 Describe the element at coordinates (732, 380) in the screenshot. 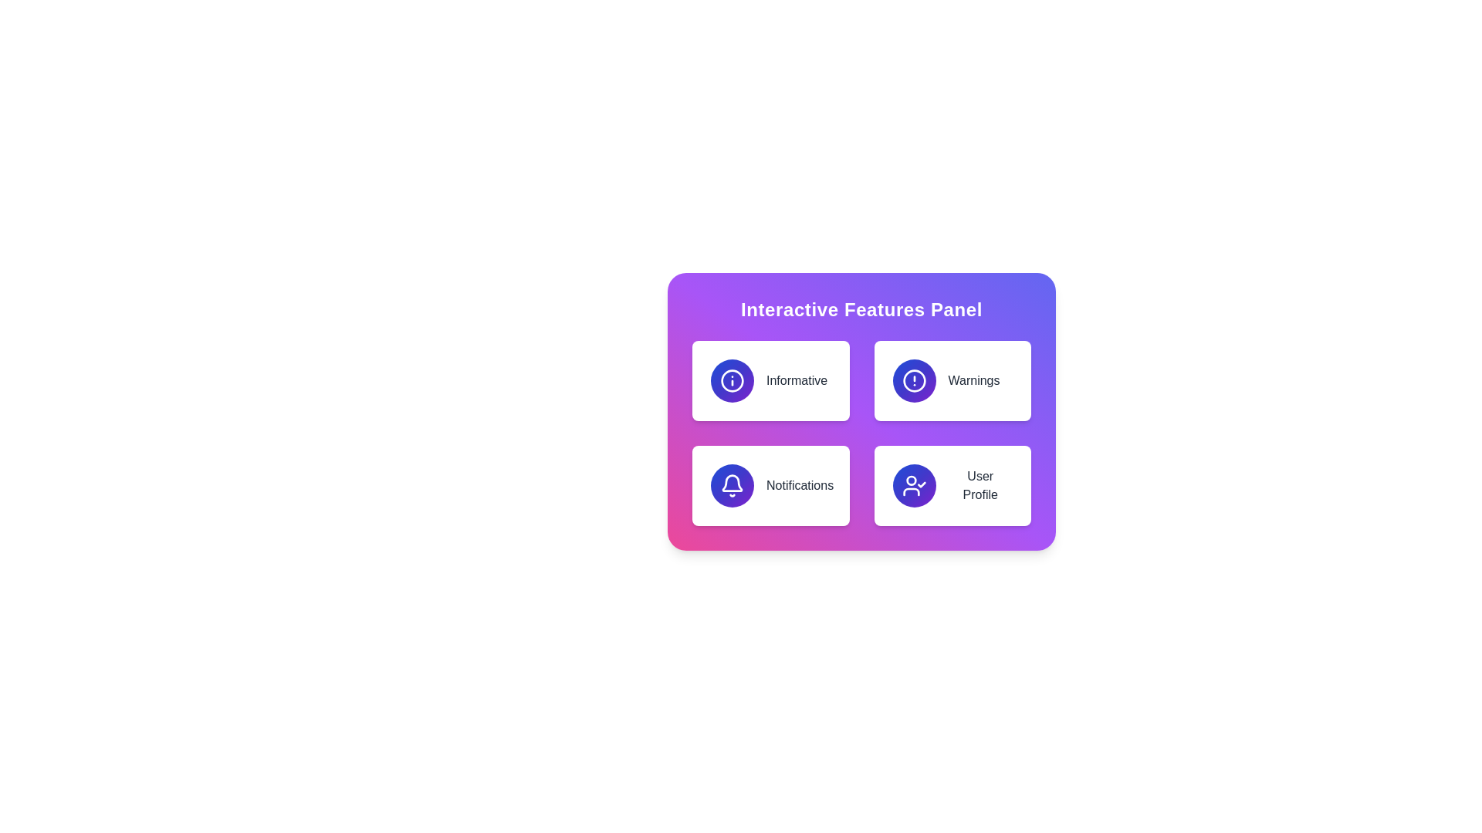

I see `the small circle SVG element that is part of the 'Informative' icon located in the top-left corner of the 'Interactive Features Panel'` at that location.